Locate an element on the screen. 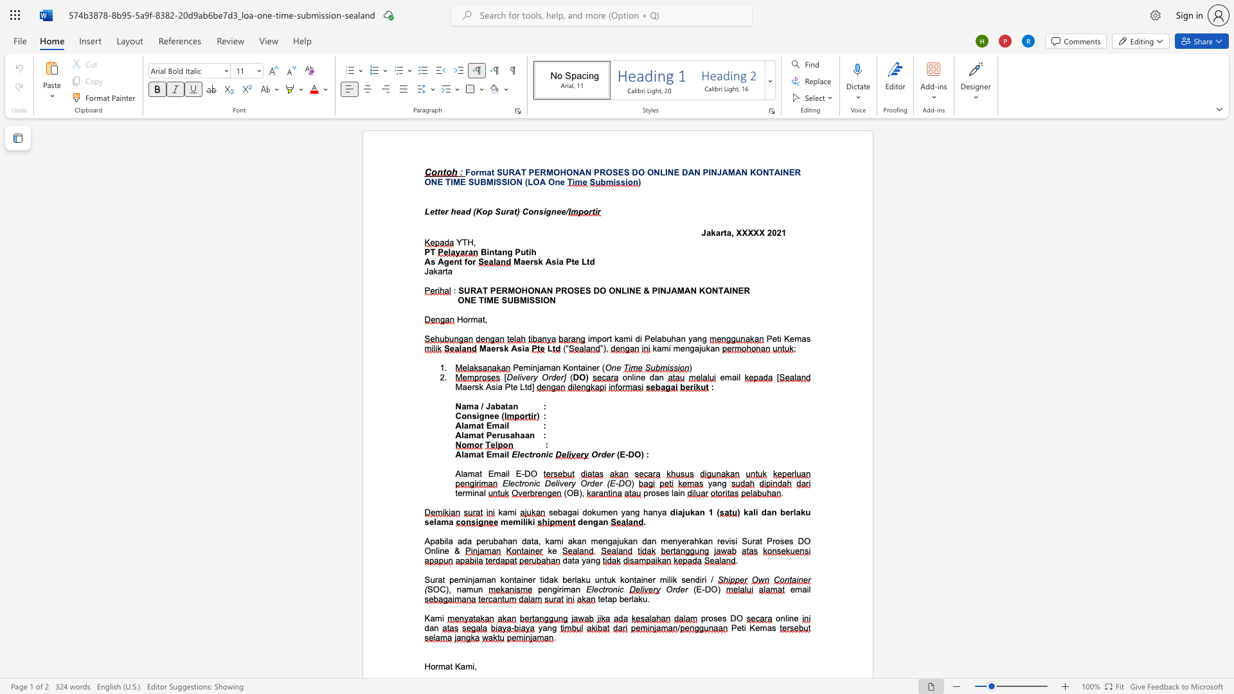 Image resolution: width=1234 pixels, height=694 pixels. the subset text "lamat E" within the text "Alamat Email" is located at coordinates (461, 454).